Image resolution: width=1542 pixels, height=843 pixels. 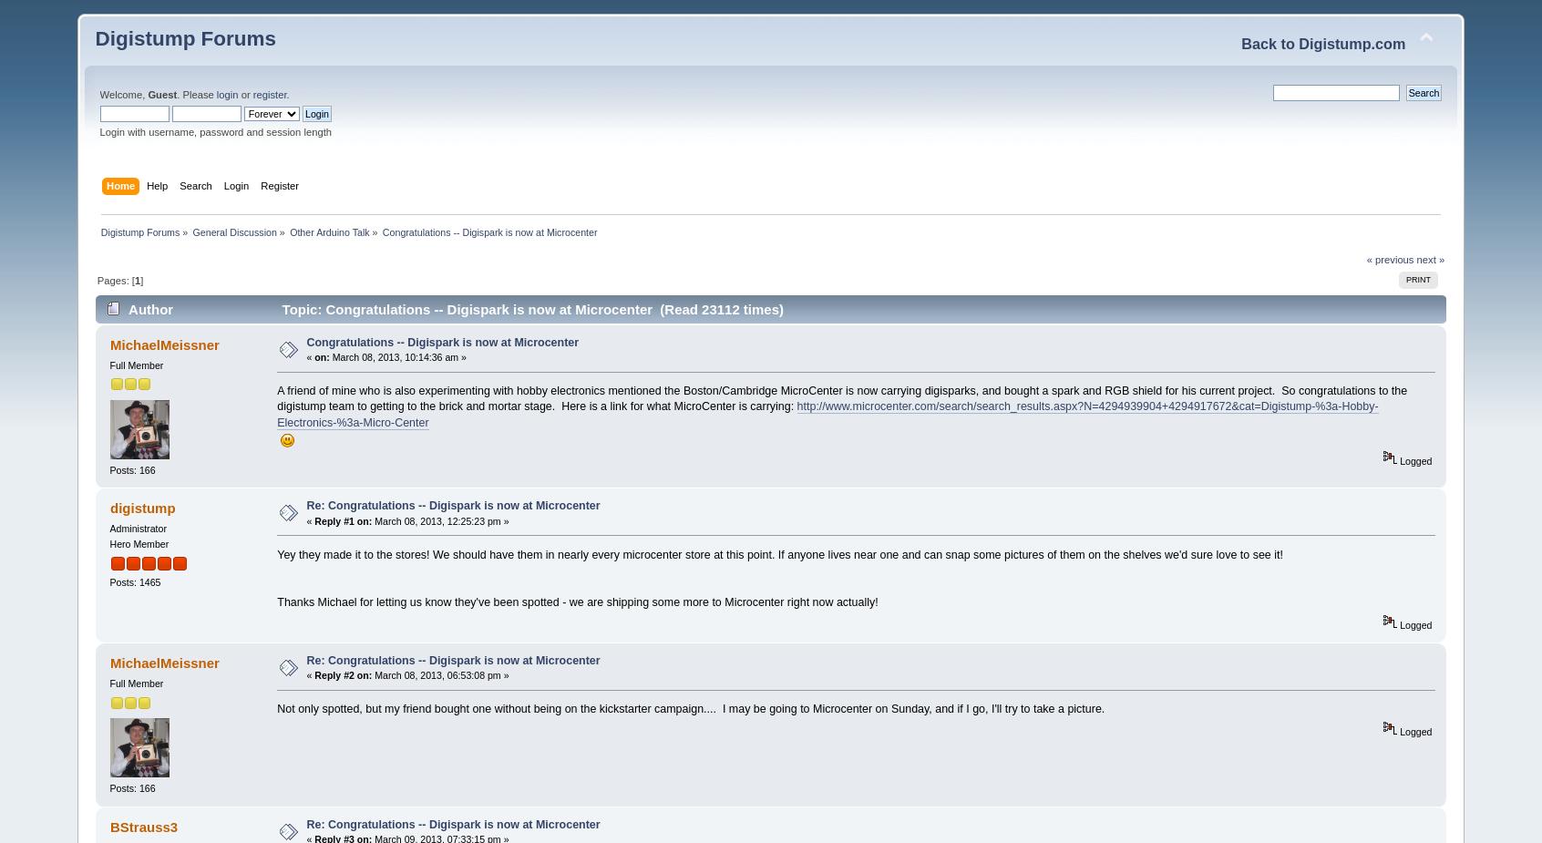 I want to click on 'March 08, 2013, 06:53:08 pm »', so click(x=371, y=675).